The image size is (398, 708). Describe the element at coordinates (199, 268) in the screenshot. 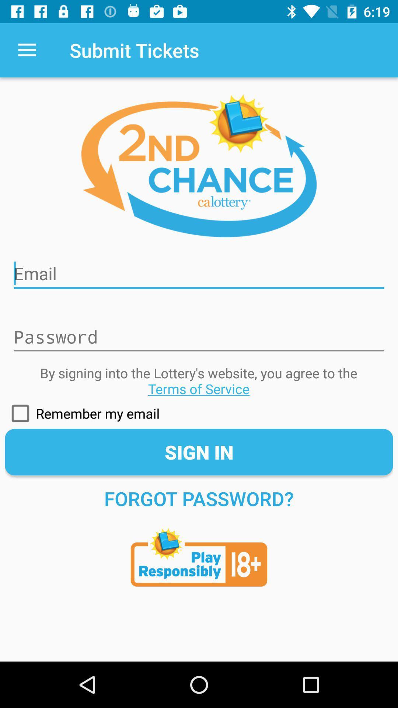

I see `email` at that location.